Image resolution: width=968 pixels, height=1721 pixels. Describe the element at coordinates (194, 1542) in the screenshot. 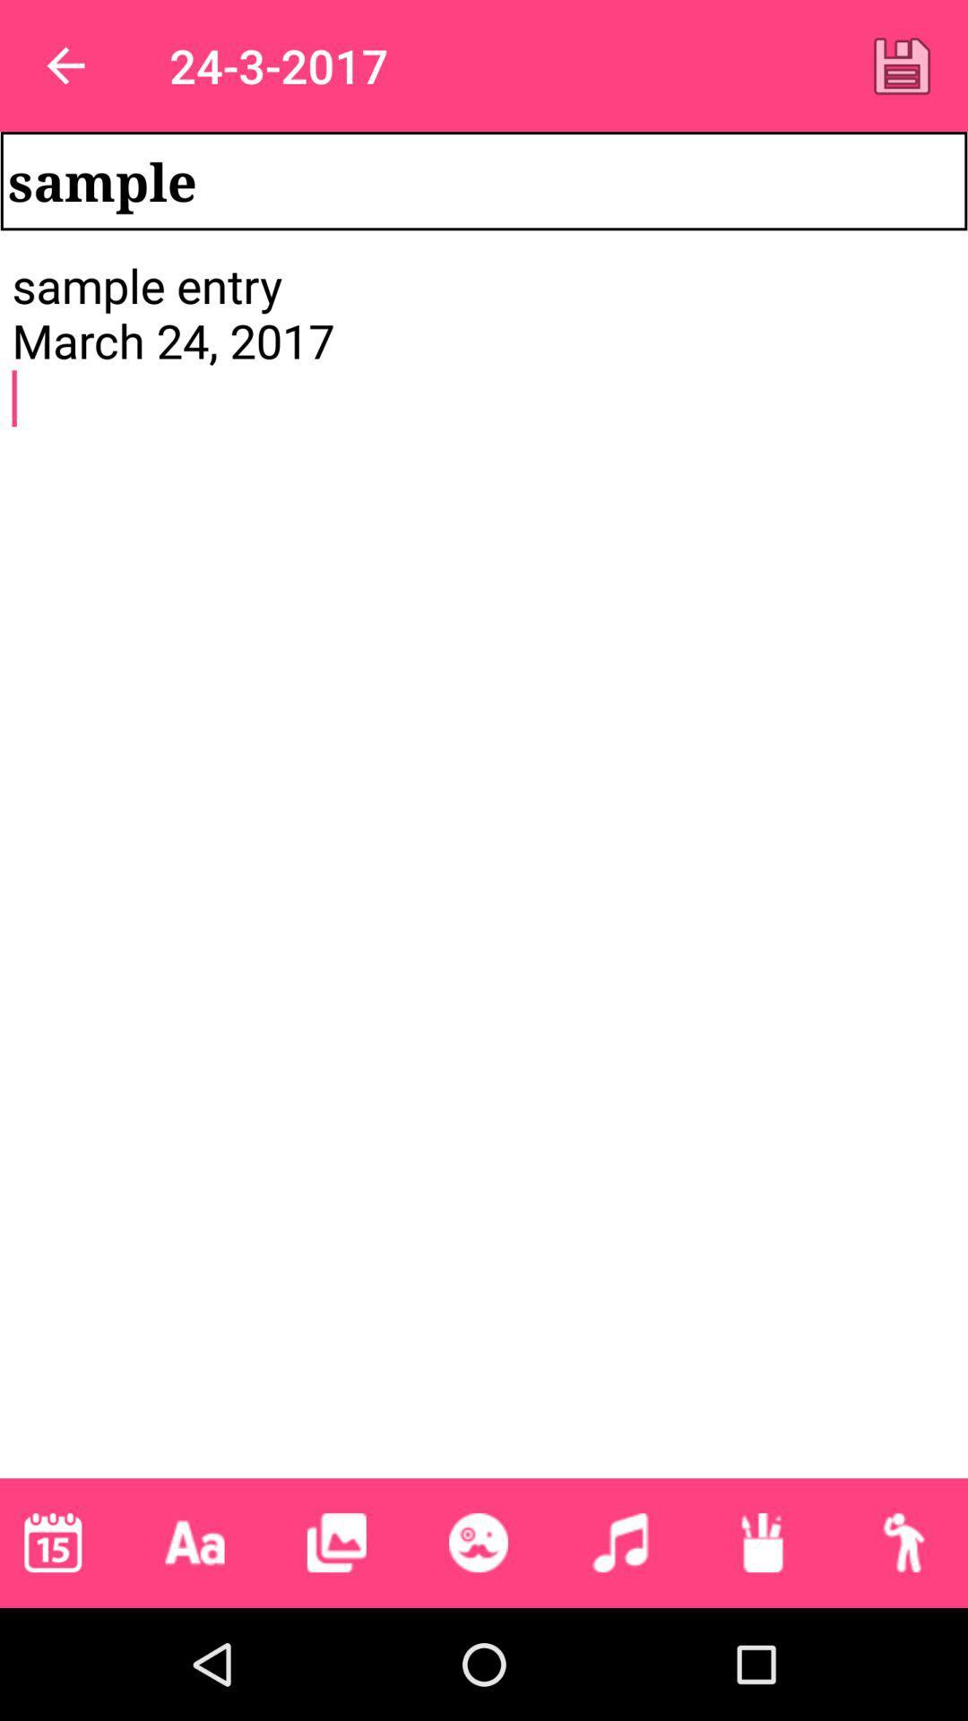

I see `the icon below the sample entry march item` at that location.